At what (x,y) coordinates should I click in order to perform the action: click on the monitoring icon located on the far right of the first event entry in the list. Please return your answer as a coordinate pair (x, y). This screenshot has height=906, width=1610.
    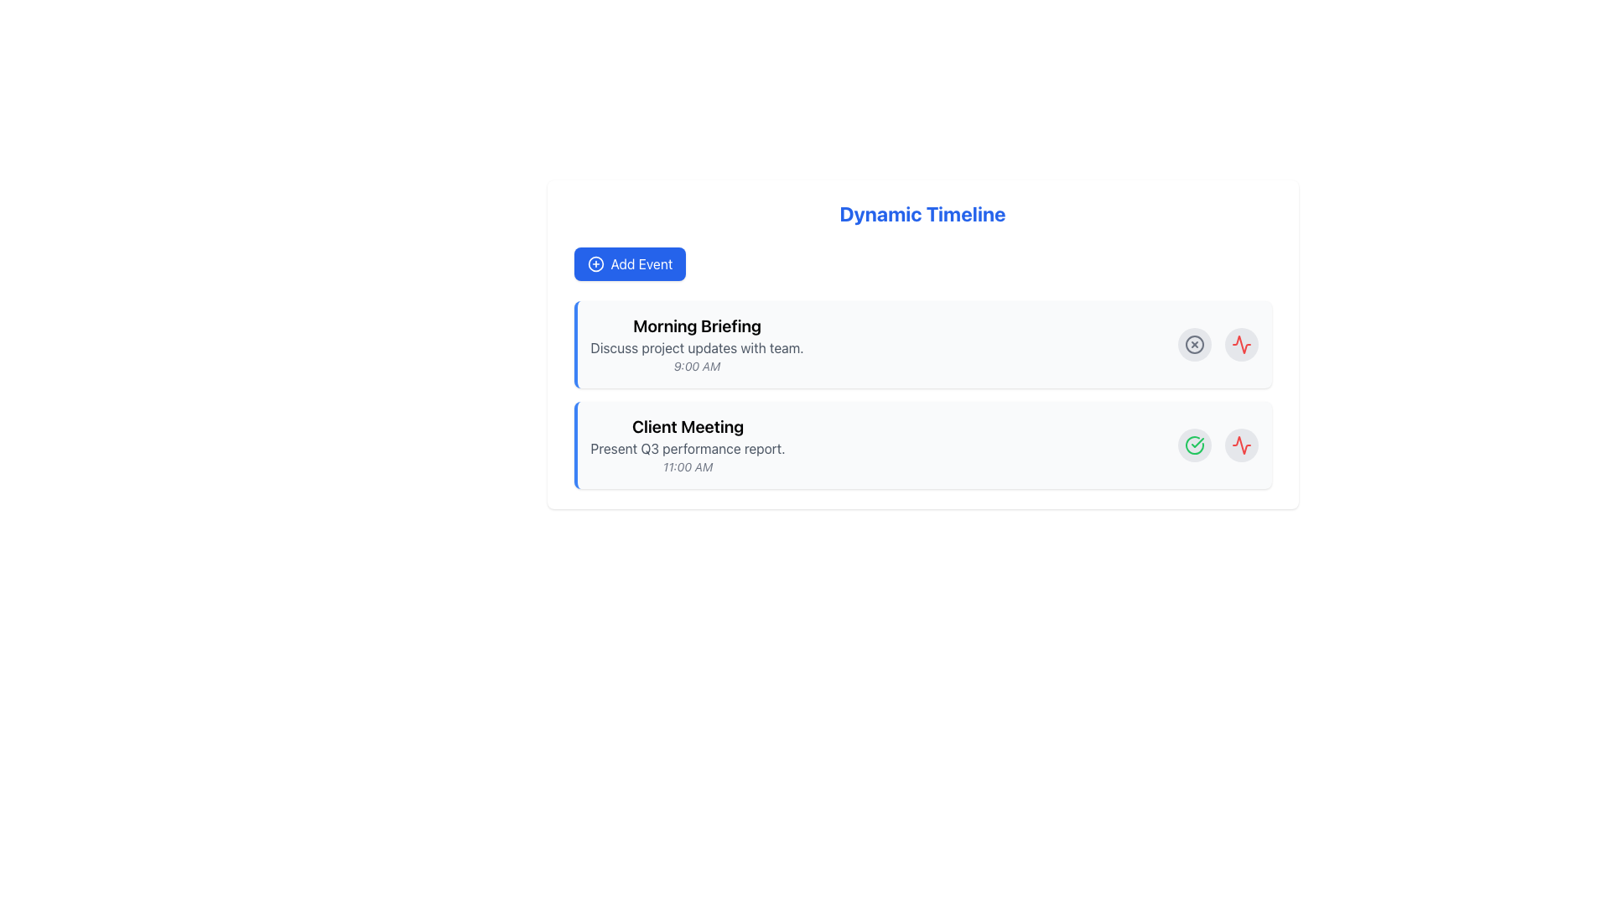
    Looking at the image, I should click on (1241, 445).